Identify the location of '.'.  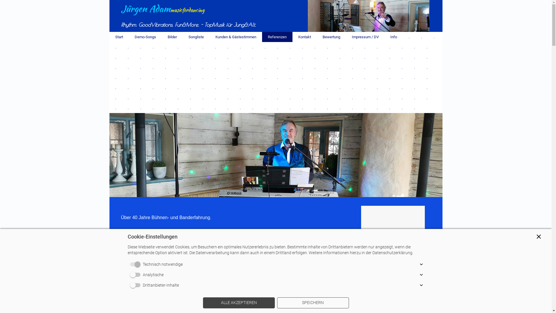
(408, 37).